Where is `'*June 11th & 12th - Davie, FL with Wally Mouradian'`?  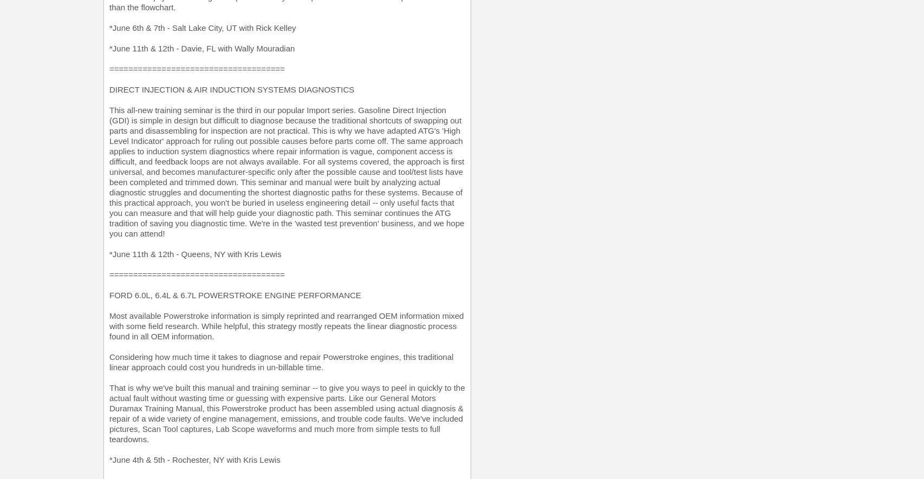 '*June 11th & 12th - Davie, FL with Wally Mouradian' is located at coordinates (109, 48).